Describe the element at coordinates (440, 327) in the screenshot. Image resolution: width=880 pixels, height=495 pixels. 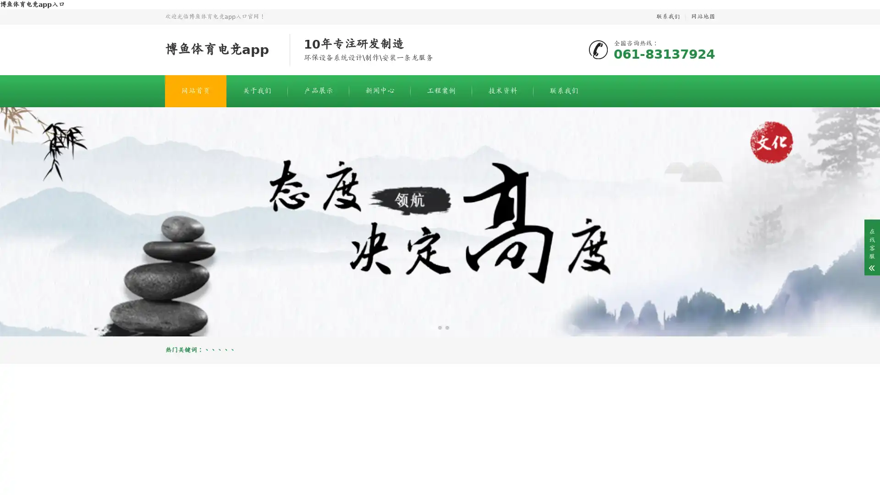
I see `Go to slide 2` at that location.